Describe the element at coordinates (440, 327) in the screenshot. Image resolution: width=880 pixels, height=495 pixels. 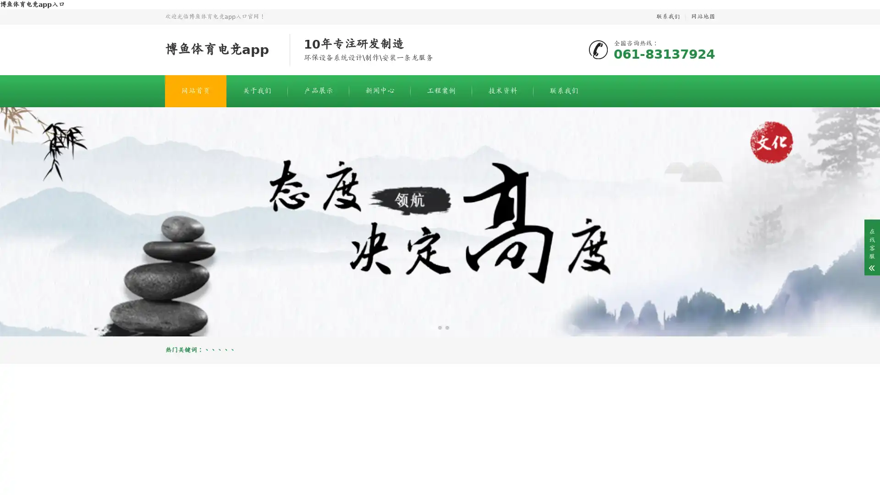
I see `Go to slide 2` at that location.